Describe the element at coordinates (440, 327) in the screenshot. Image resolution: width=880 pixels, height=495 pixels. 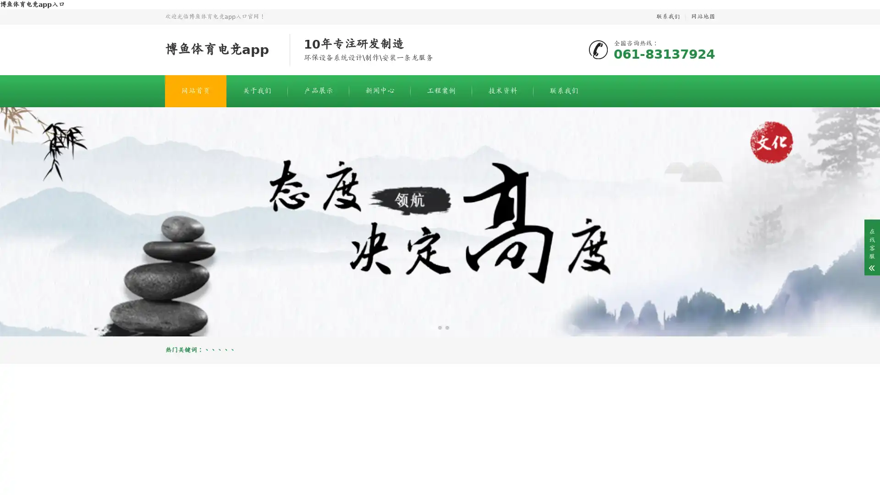
I see `Go to slide 2` at that location.